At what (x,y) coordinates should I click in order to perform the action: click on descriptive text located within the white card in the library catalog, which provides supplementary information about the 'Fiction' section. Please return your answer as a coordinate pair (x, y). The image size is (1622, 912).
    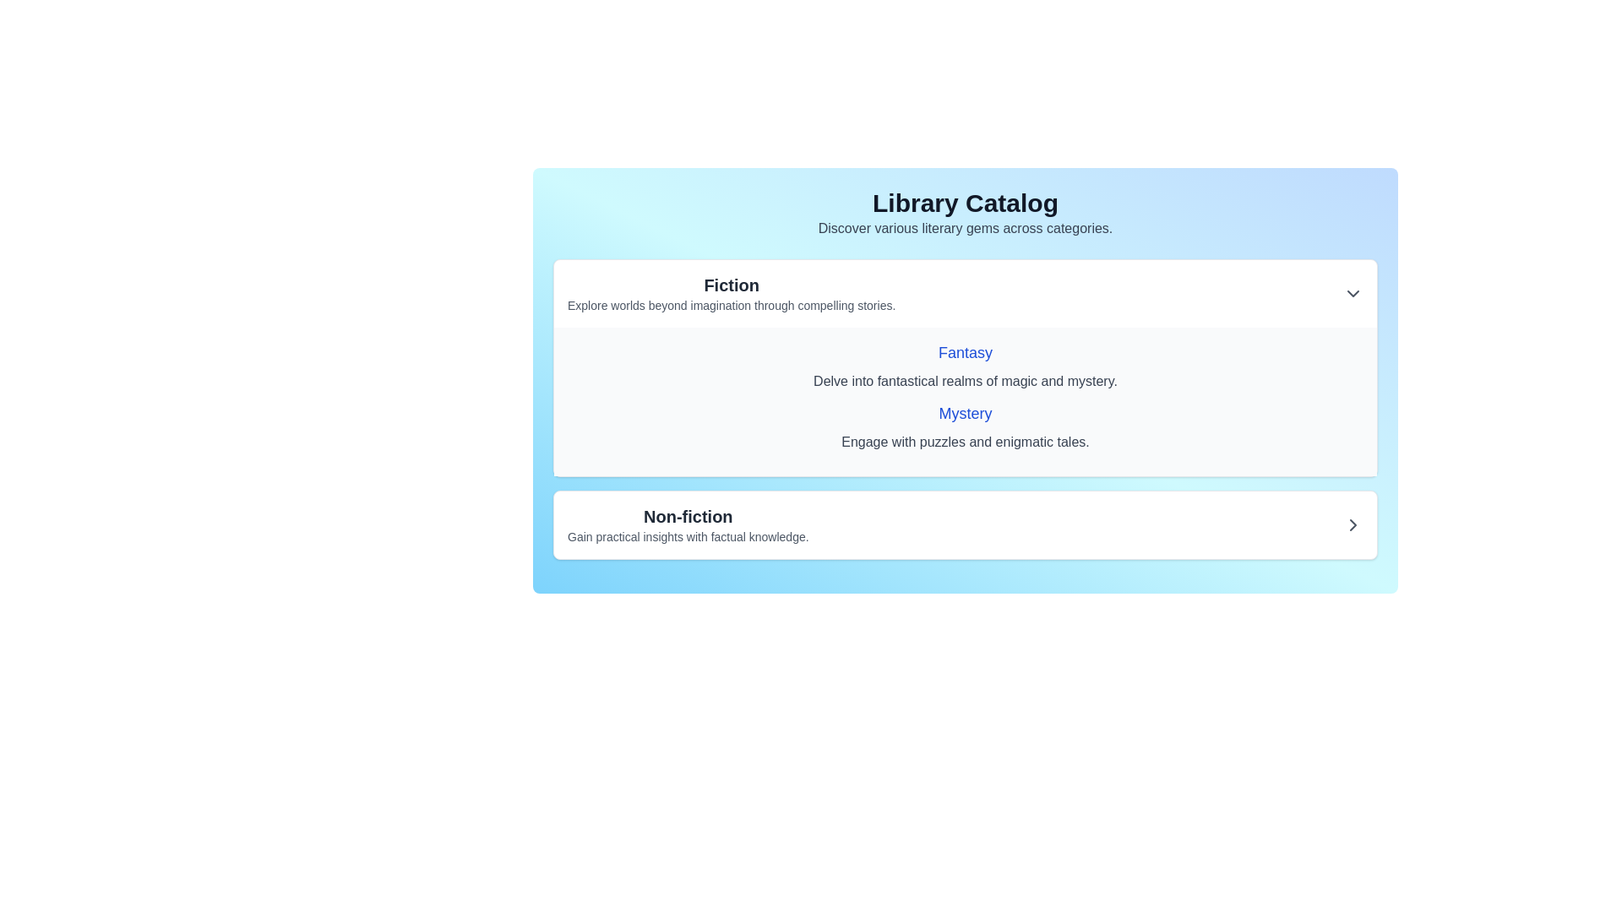
    Looking at the image, I should click on (732, 306).